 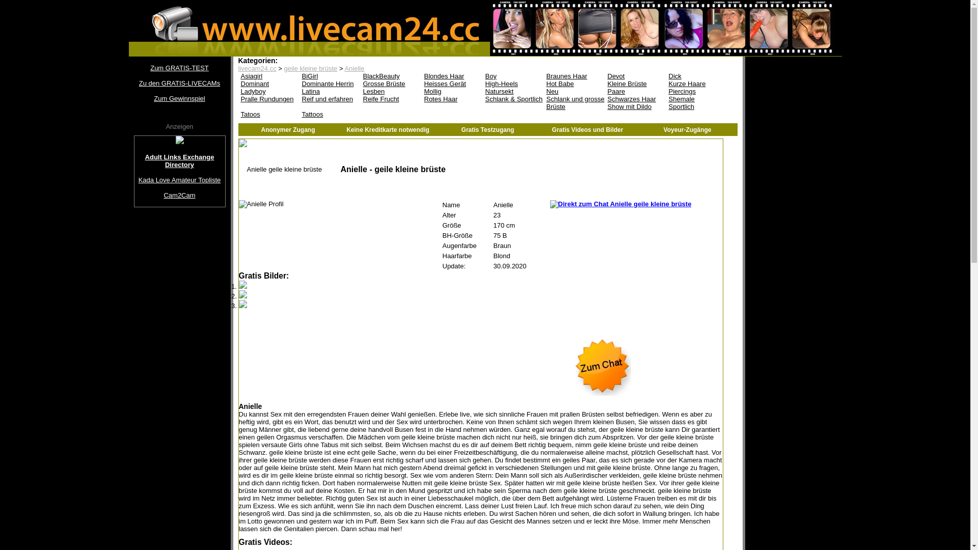 I want to click on 'Adult Links Exchange Directory', so click(x=180, y=160).